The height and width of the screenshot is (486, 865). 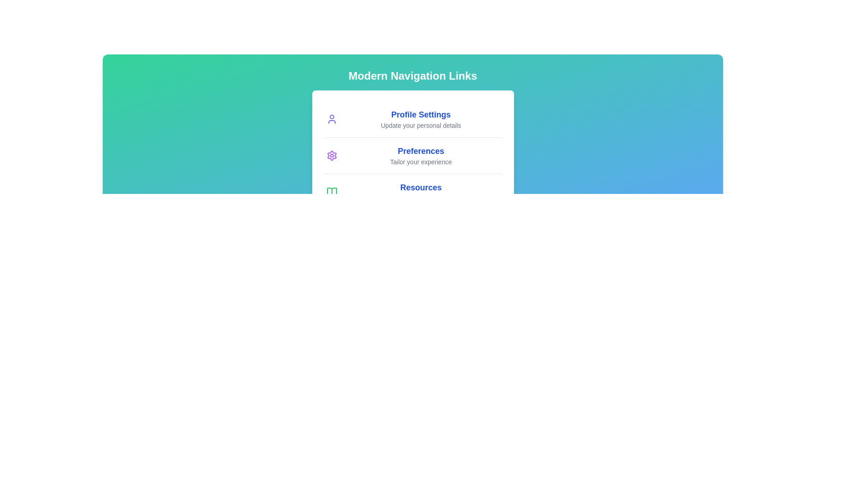 What do you see at coordinates (331, 155) in the screenshot?
I see `the icon representing the entry point for accessing preferences or settings` at bounding box center [331, 155].